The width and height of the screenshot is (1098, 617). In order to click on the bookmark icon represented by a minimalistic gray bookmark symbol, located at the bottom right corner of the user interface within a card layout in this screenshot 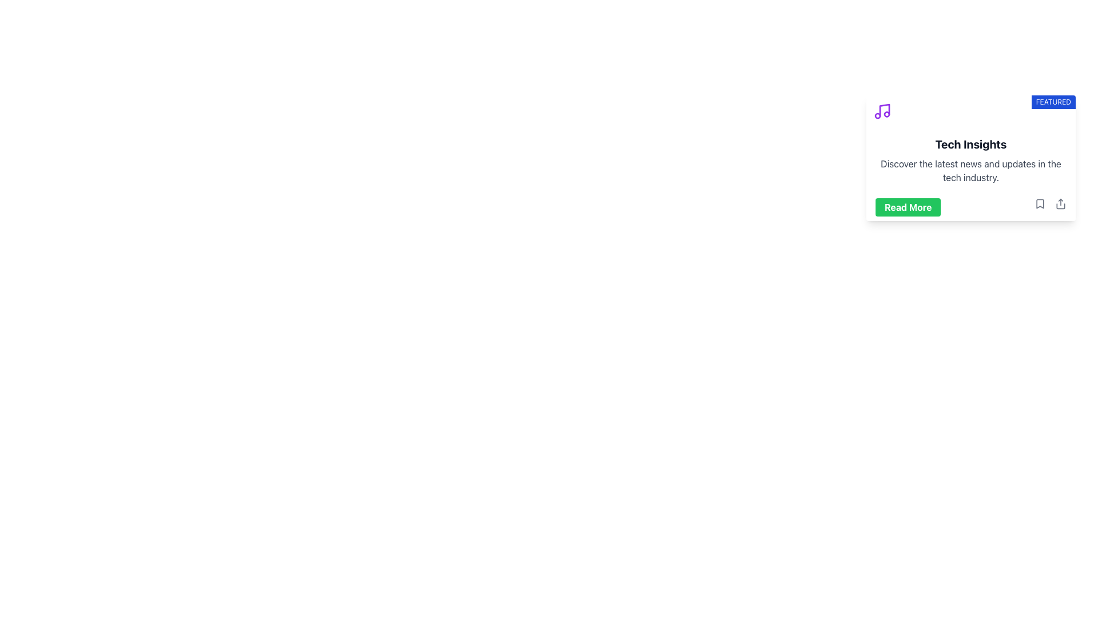, I will do `click(1040, 203)`.